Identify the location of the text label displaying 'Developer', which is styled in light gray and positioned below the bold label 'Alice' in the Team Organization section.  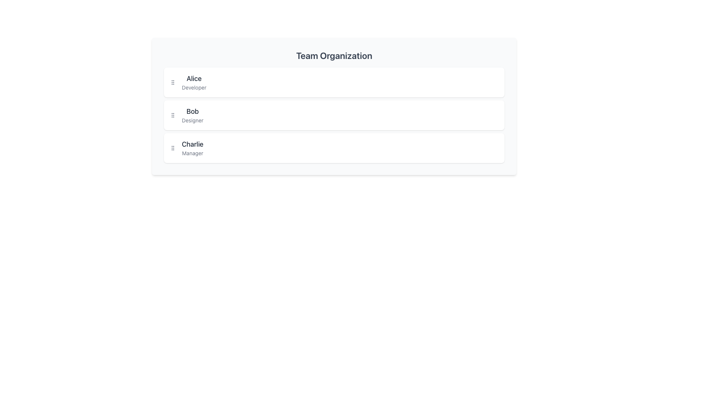
(194, 87).